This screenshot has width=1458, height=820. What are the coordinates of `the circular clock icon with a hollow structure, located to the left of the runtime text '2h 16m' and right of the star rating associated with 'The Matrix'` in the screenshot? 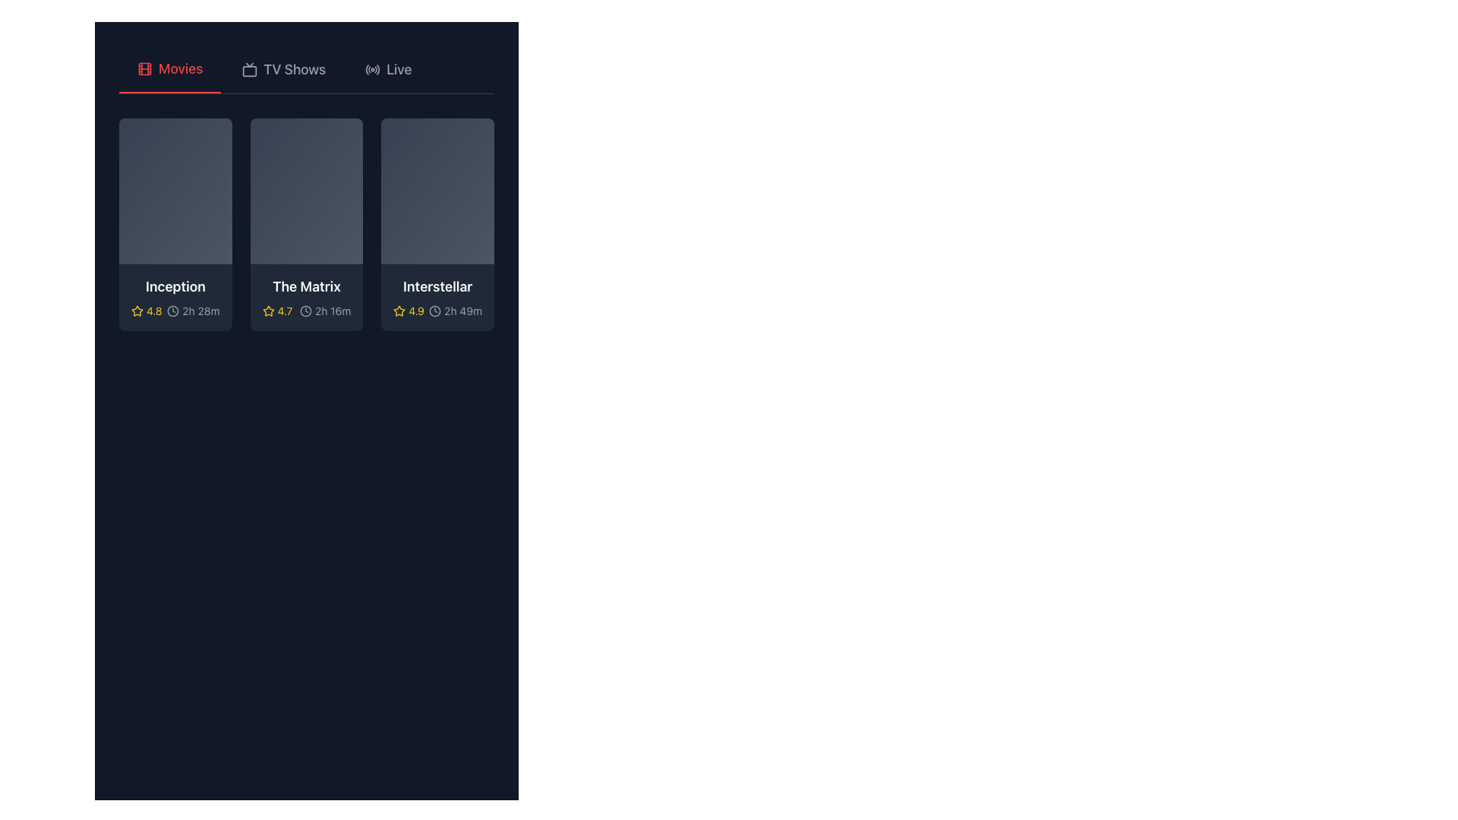 It's located at (305, 310).